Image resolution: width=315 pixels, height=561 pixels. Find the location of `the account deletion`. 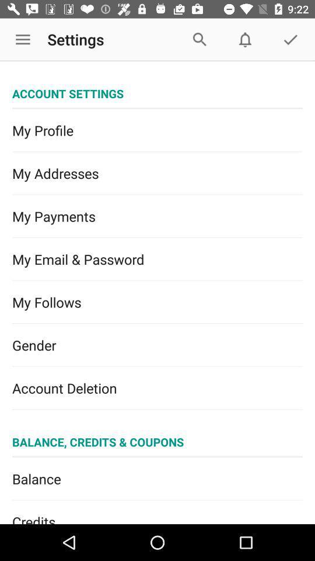

the account deletion is located at coordinates (157, 388).